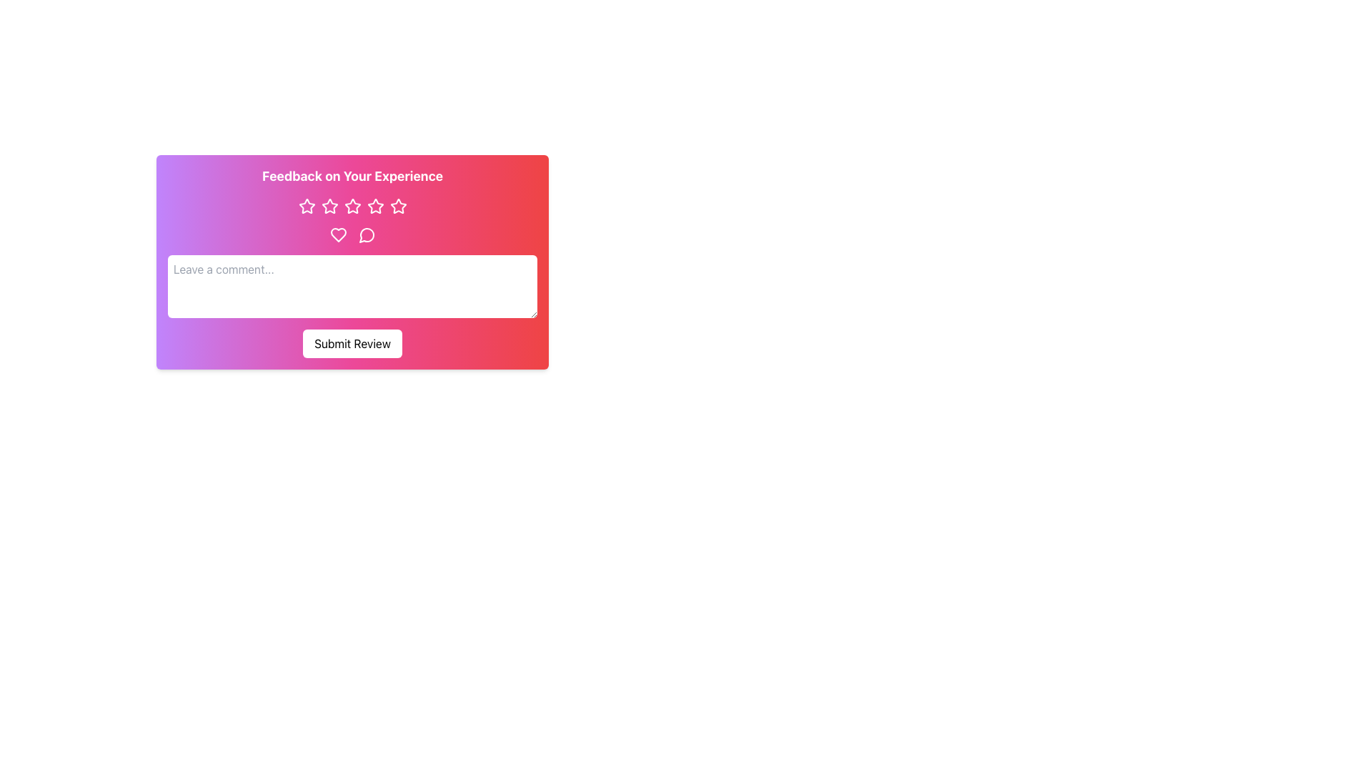 This screenshot has width=1372, height=772. I want to click on the sixth star in the horizontal sequence of seven stars to set the rating to six, so click(398, 207).